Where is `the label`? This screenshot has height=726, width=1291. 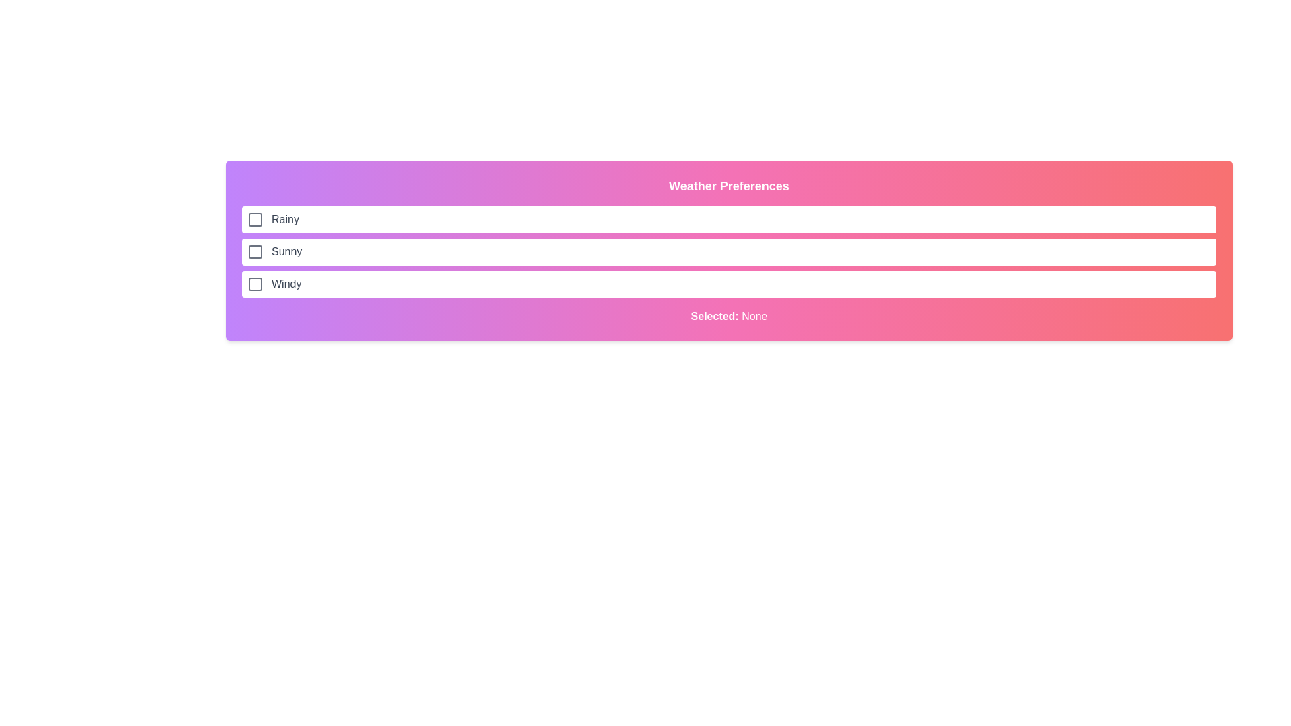 the label is located at coordinates (286, 251).